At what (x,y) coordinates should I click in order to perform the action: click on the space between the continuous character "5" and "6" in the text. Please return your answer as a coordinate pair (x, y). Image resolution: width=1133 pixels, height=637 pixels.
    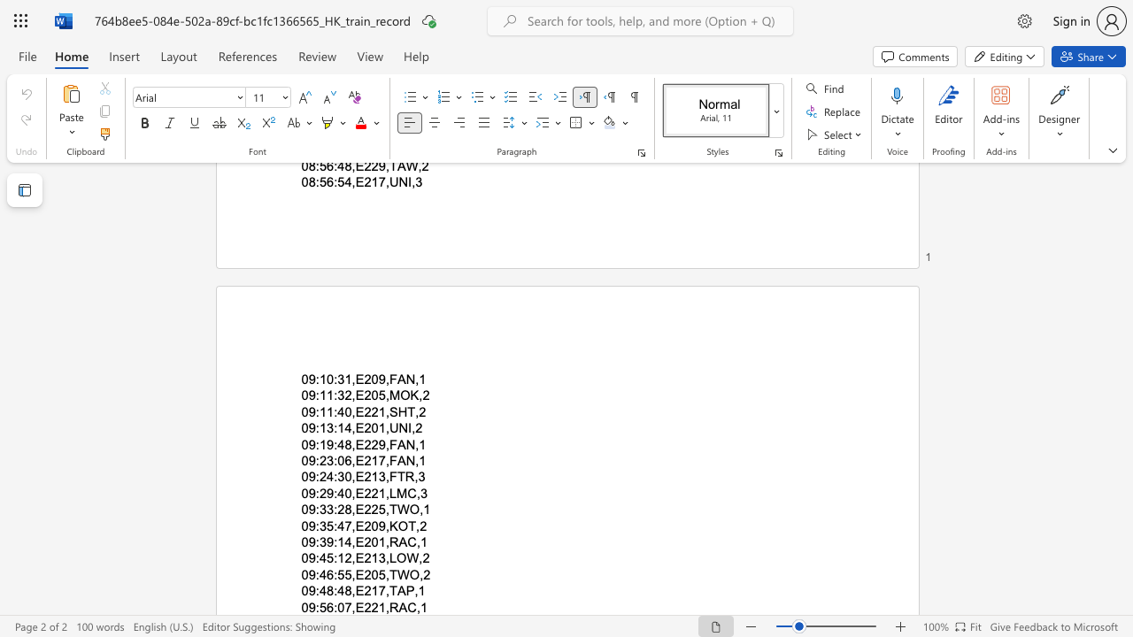
    Looking at the image, I should click on (327, 606).